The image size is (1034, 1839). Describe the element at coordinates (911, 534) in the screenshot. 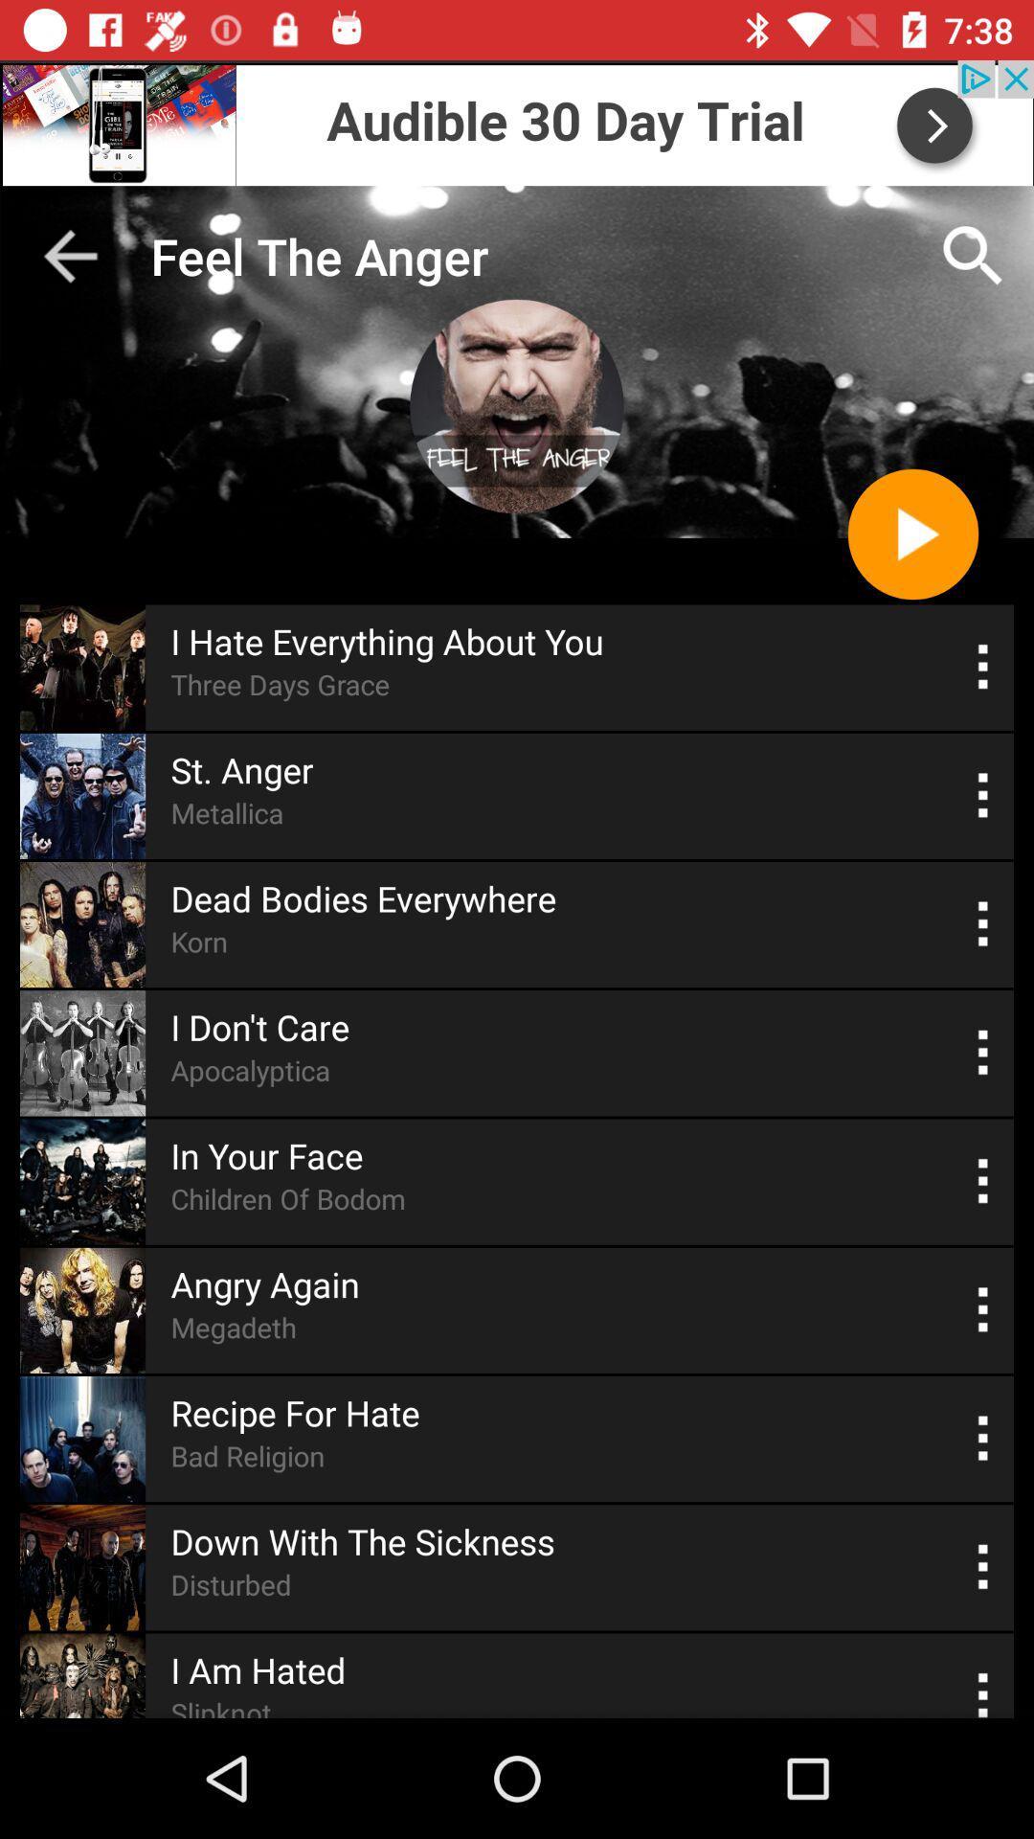

I see `playlist` at that location.